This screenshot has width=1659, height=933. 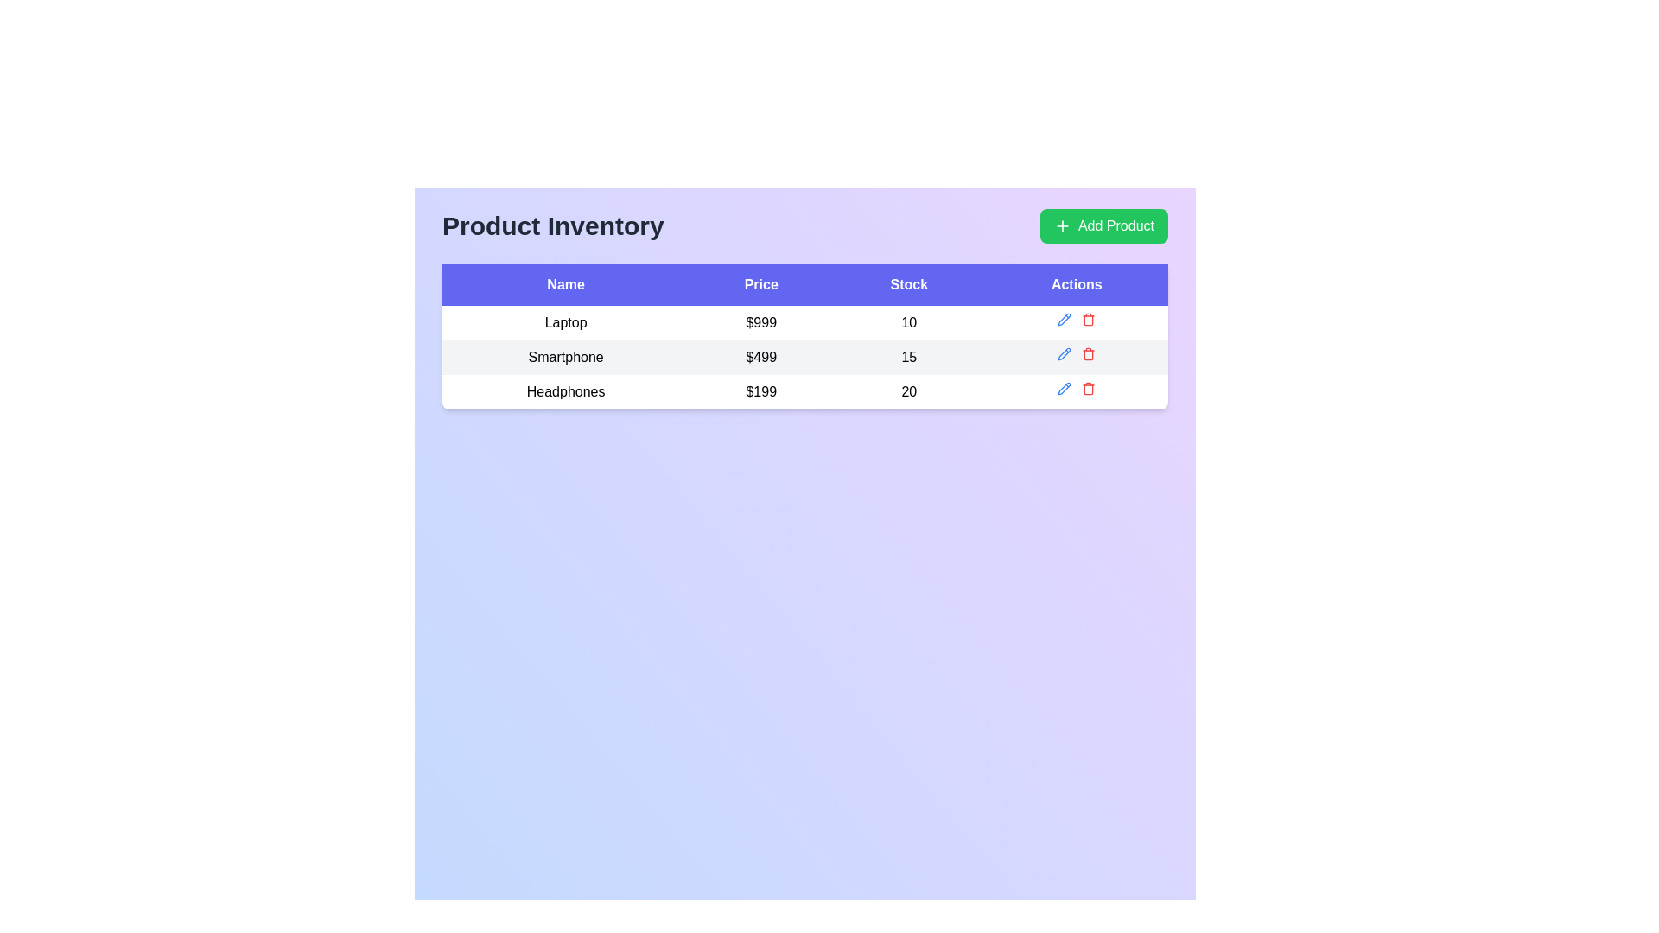 I want to click on the white plus icon located inside the green 'Add Product' button at the top-right corner of the content section, which is positioned to the left of the button's text label, so click(x=1061, y=225).